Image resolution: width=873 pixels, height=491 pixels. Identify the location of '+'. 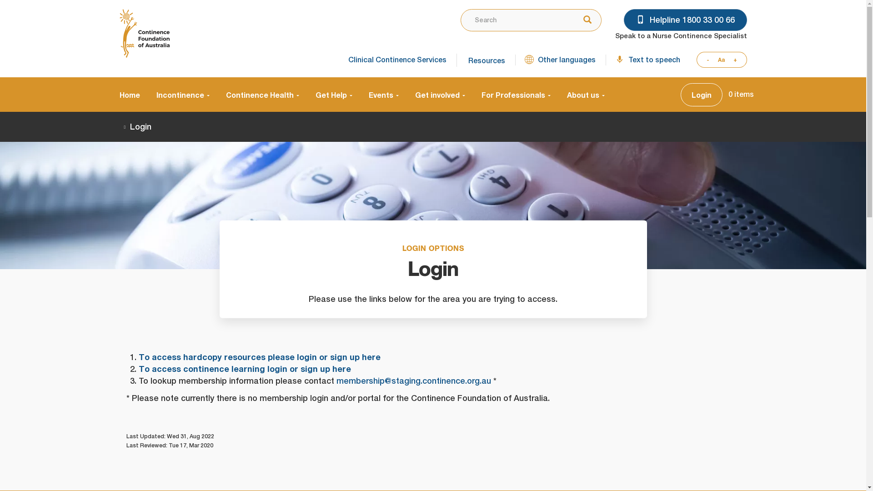
(738, 60).